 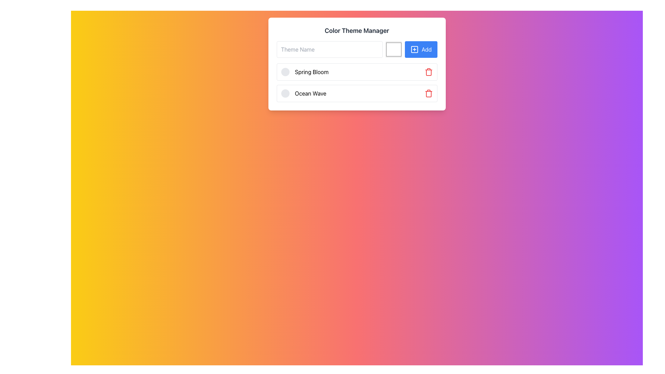 What do you see at coordinates (310, 93) in the screenshot?
I see `the text 'Ocean Wave' in the second entry of the list within the 'Color Theme Manager' box for interaction` at bounding box center [310, 93].